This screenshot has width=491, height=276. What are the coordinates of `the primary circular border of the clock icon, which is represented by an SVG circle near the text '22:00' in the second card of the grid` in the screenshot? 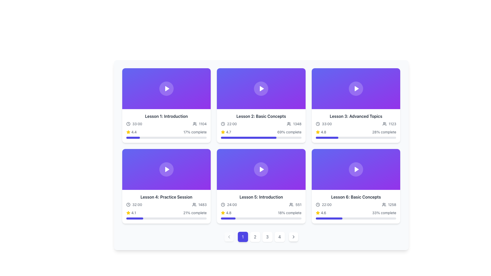 It's located at (223, 124).